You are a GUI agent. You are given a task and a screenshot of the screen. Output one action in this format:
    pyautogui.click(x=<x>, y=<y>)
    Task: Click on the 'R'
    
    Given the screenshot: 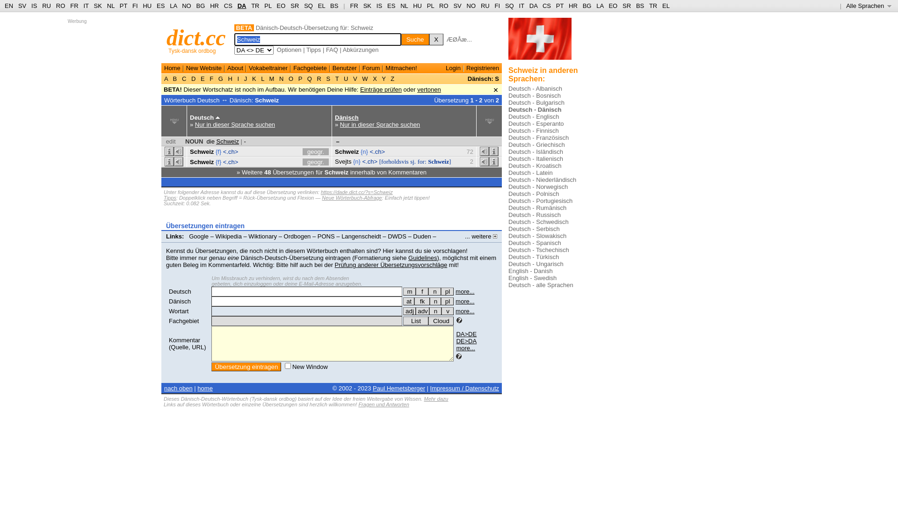 What is the action you would take?
    pyautogui.click(x=319, y=78)
    